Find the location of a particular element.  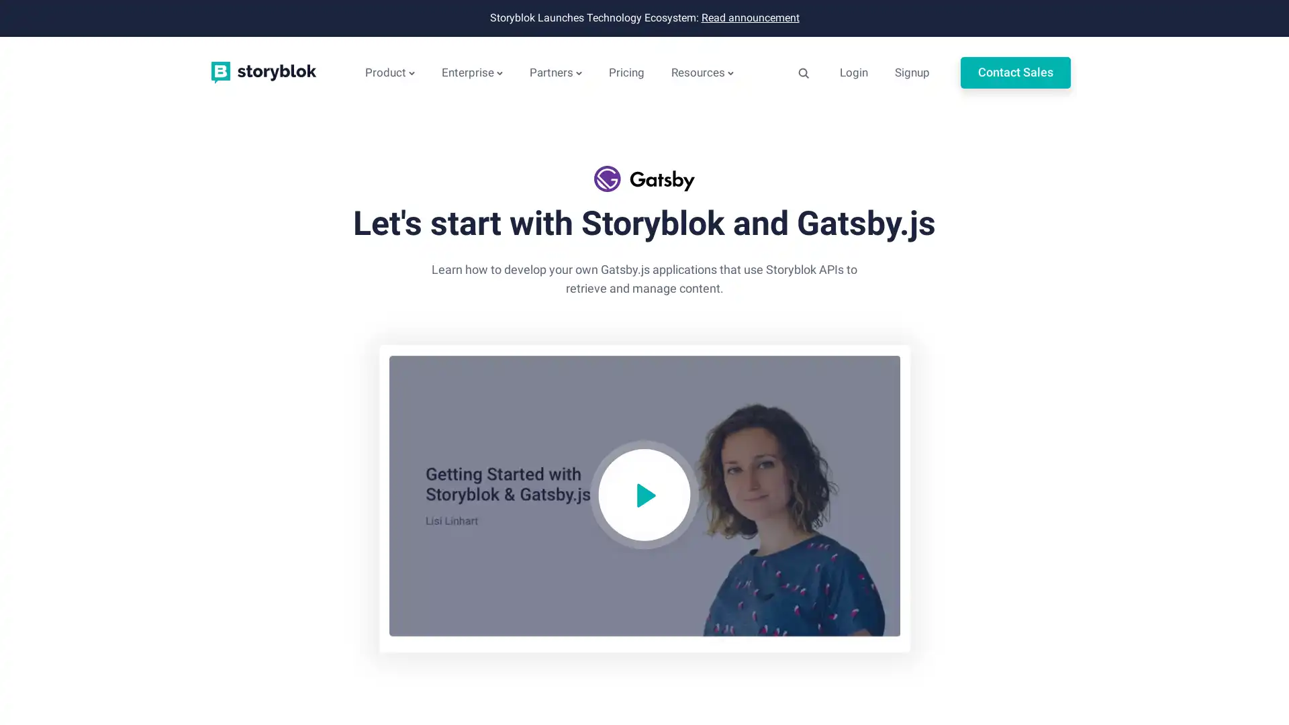

Partners is located at coordinates (556, 72).